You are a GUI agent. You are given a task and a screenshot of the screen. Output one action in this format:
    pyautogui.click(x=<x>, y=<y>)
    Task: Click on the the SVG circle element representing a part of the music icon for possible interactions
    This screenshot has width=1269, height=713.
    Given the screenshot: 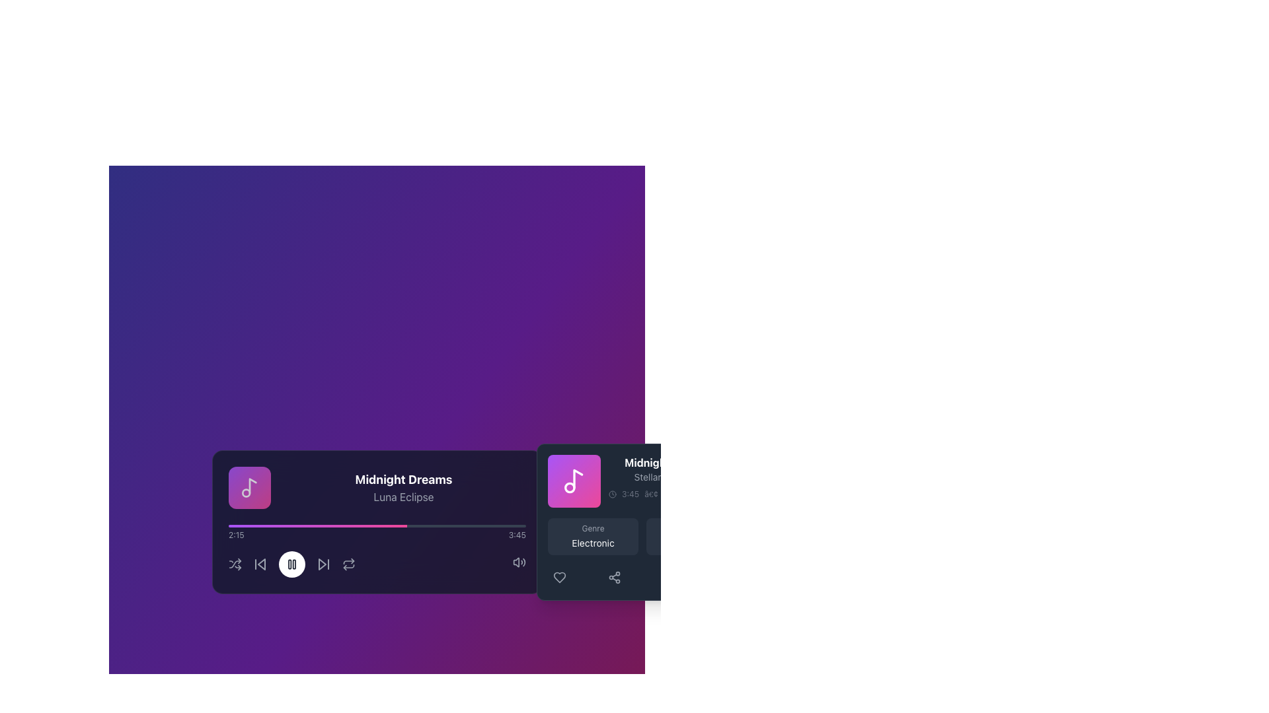 What is the action you would take?
    pyautogui.click(x=569, y=488)
    